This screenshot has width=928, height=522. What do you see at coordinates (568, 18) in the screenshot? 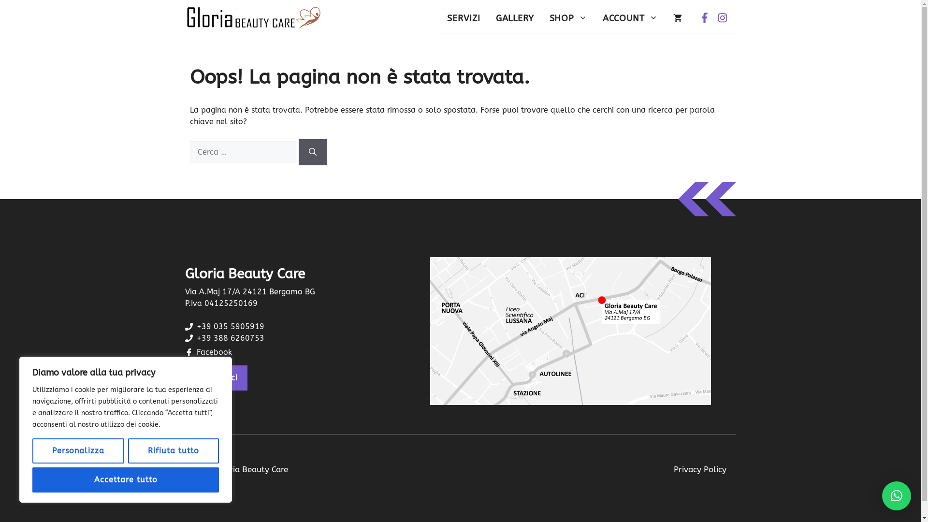
I see `'SHOP'` at bounding box center [568, 18].